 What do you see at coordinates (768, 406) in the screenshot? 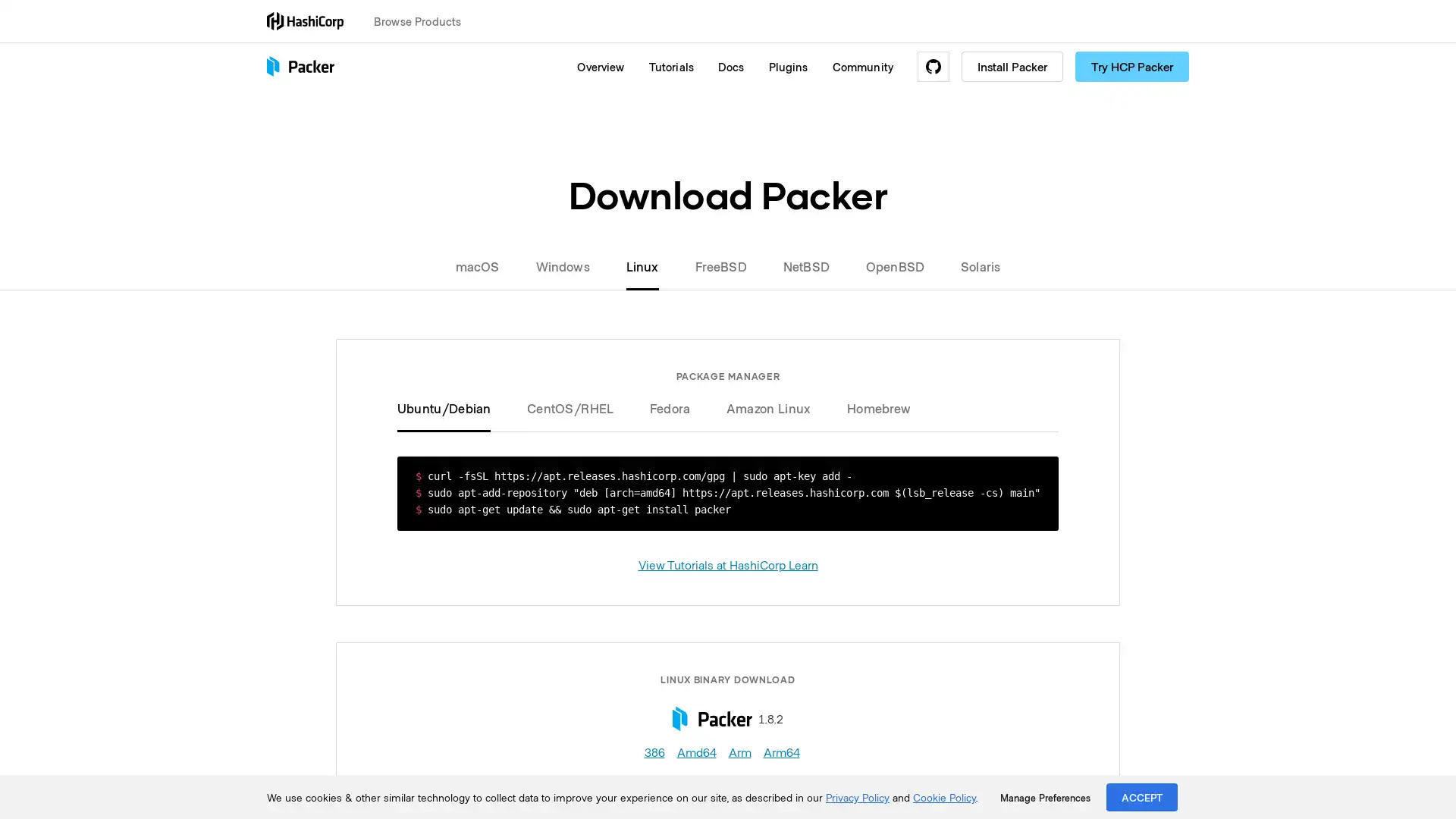
I see `Amazon Linux` at bounding box center [768, 406].